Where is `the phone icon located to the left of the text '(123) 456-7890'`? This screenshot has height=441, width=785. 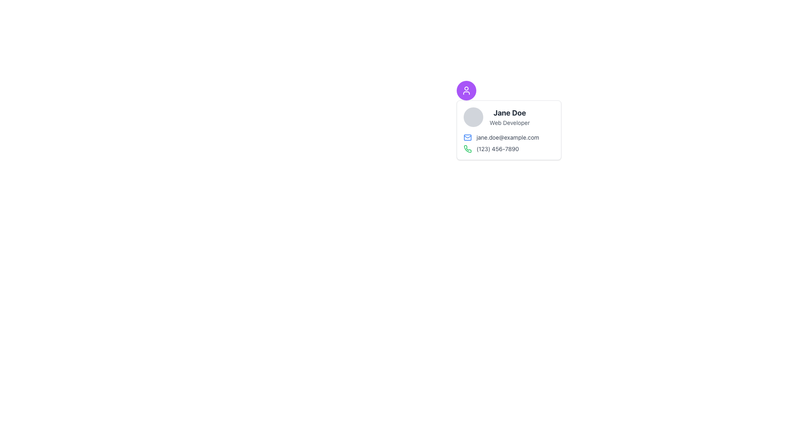
the phone icon located to the left of the text '(123) 456-7890' is located at coordinates (467, 149).